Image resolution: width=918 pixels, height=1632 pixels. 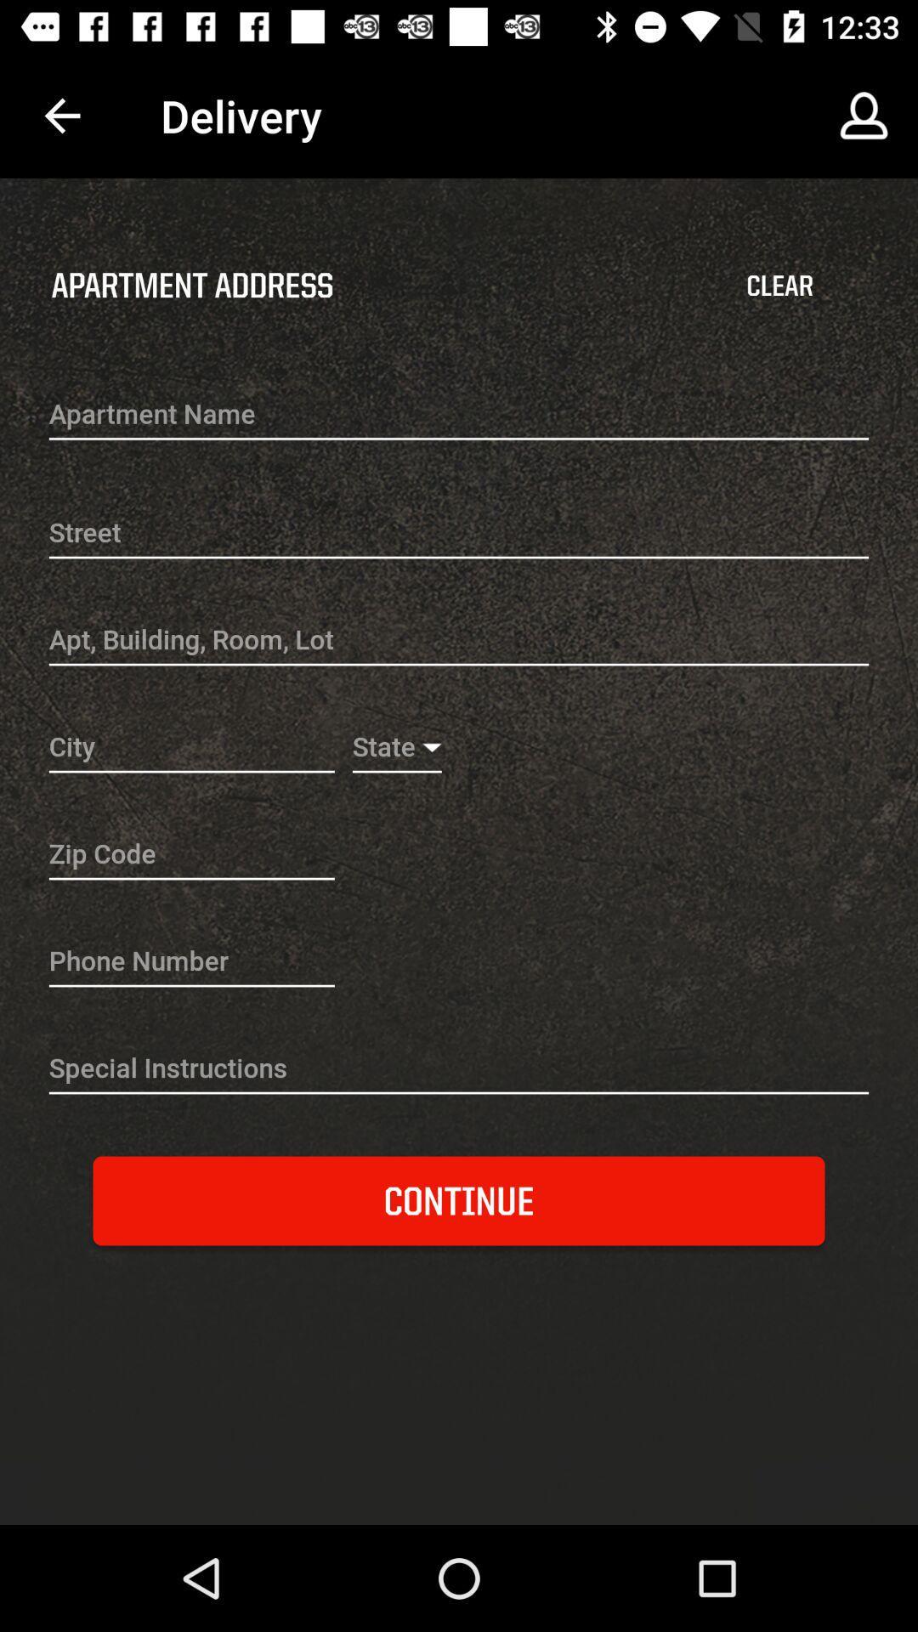 I want to click on the item above the apartment address item, so click(x=61, y=115).